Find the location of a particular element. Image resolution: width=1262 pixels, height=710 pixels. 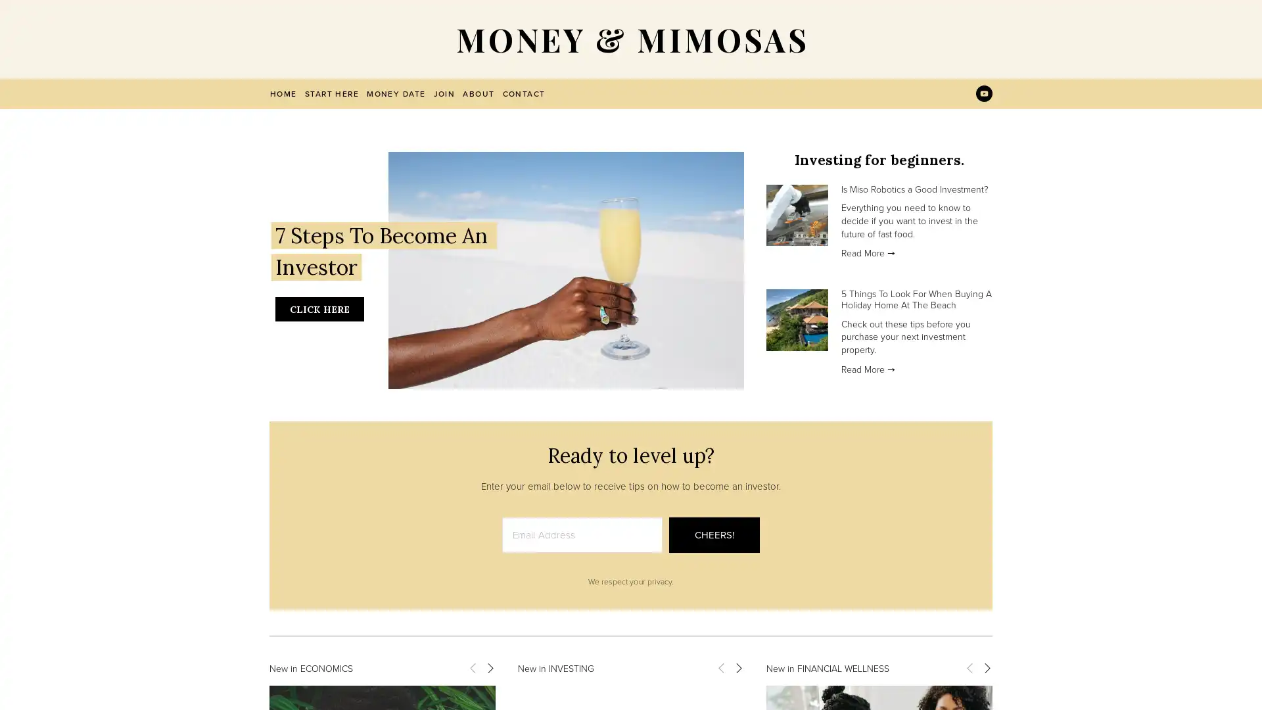

Yes, I love Money & Mimosas. is located at coordinates (754, 392).